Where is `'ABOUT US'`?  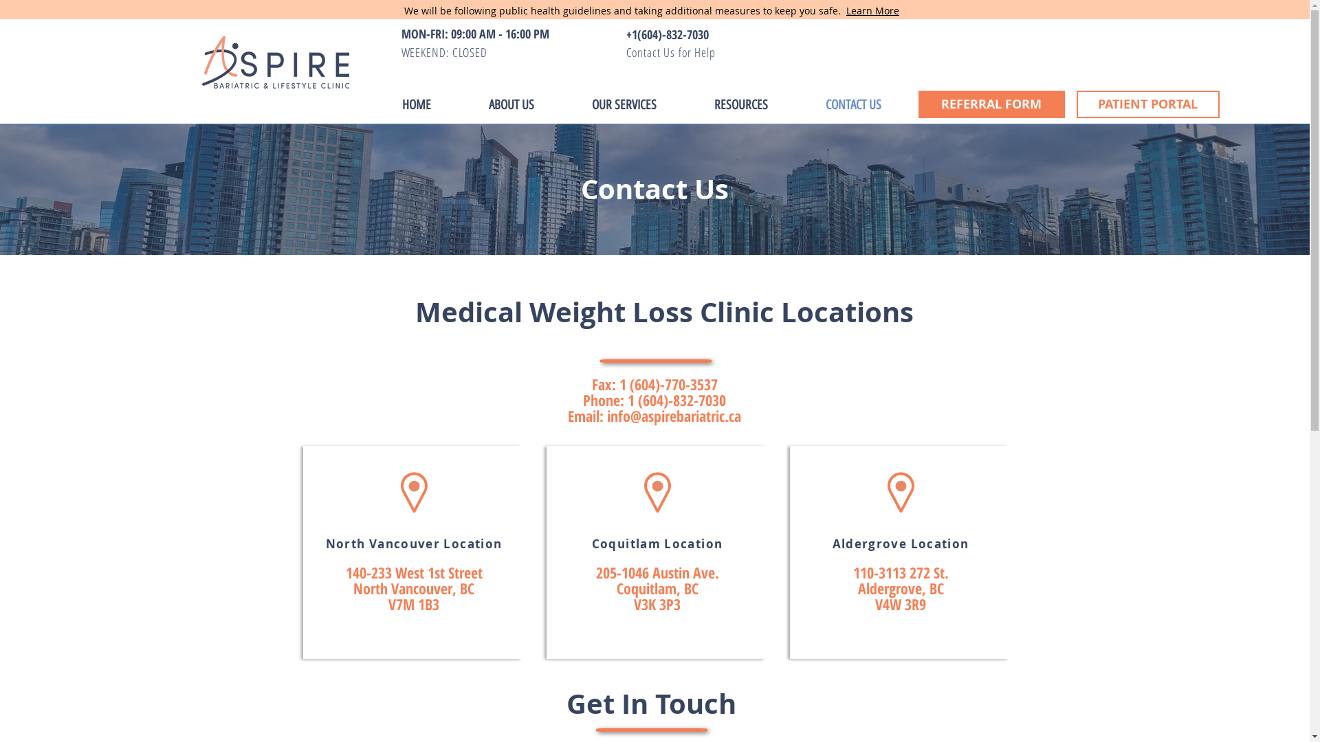 'ABOUT US' is located at coordinates (510, 104).